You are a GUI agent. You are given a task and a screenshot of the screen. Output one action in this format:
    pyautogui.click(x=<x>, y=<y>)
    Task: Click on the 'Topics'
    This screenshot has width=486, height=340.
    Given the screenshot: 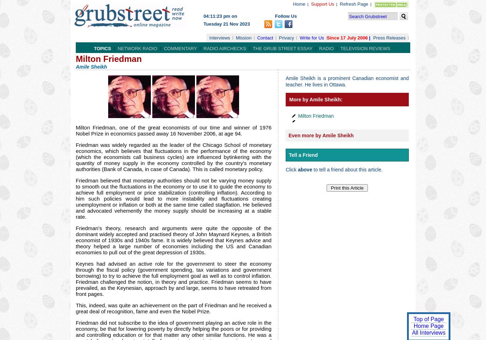 What is the action you would take?
    pyautogui.click(x=102, y=48)
    